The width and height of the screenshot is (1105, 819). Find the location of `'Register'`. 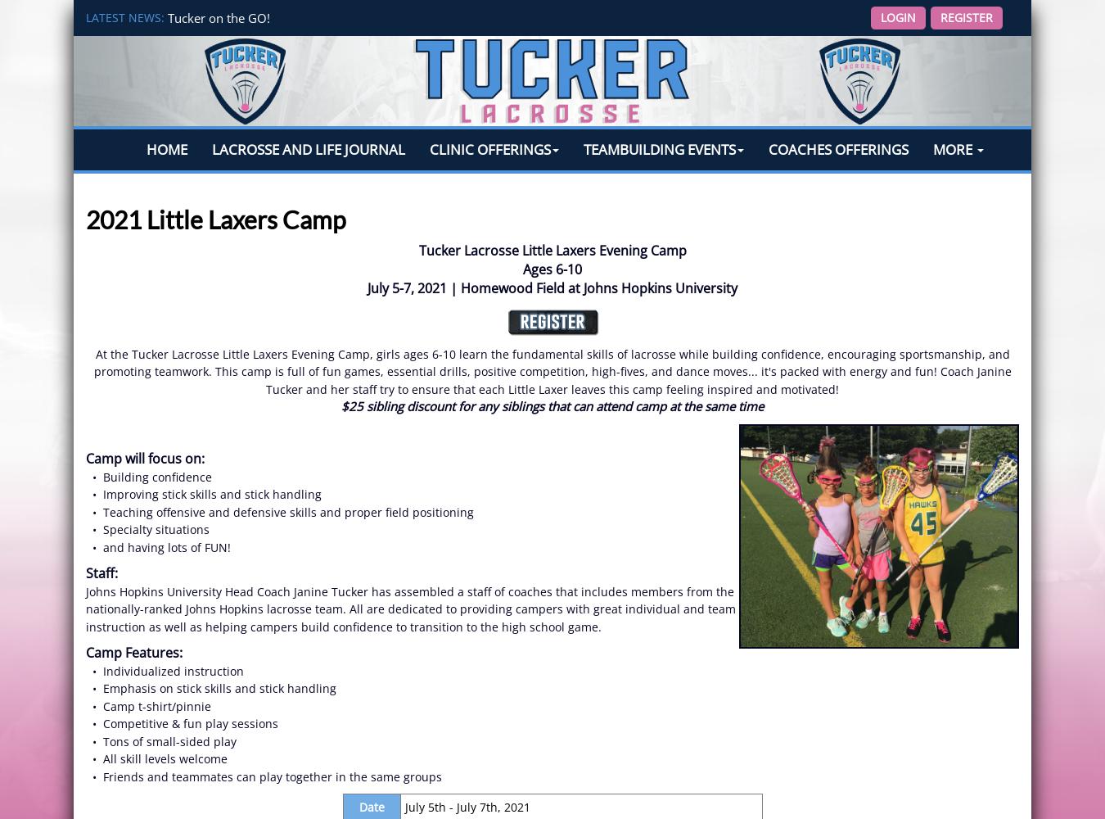

'Register' is located at coordinates (965, 17).